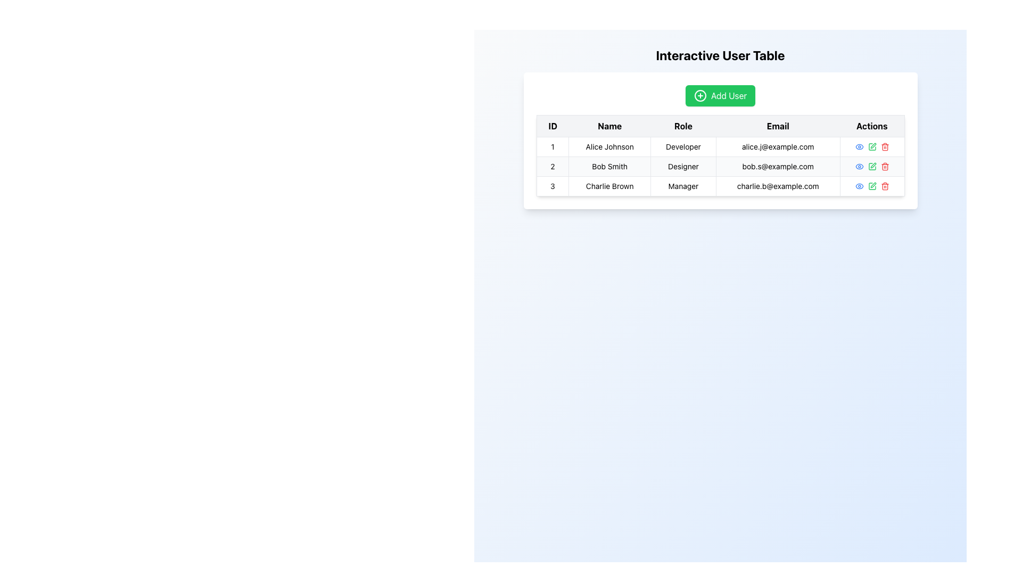 The height and width of the screenshot is (575, 1022). What do you see at coordinates (873, 184) in the screenshot?
I see `the edit icon button, resembling a pen, in the 'Actions' column for the user 'Charlie Brown'` at bounding box center [873, 184].